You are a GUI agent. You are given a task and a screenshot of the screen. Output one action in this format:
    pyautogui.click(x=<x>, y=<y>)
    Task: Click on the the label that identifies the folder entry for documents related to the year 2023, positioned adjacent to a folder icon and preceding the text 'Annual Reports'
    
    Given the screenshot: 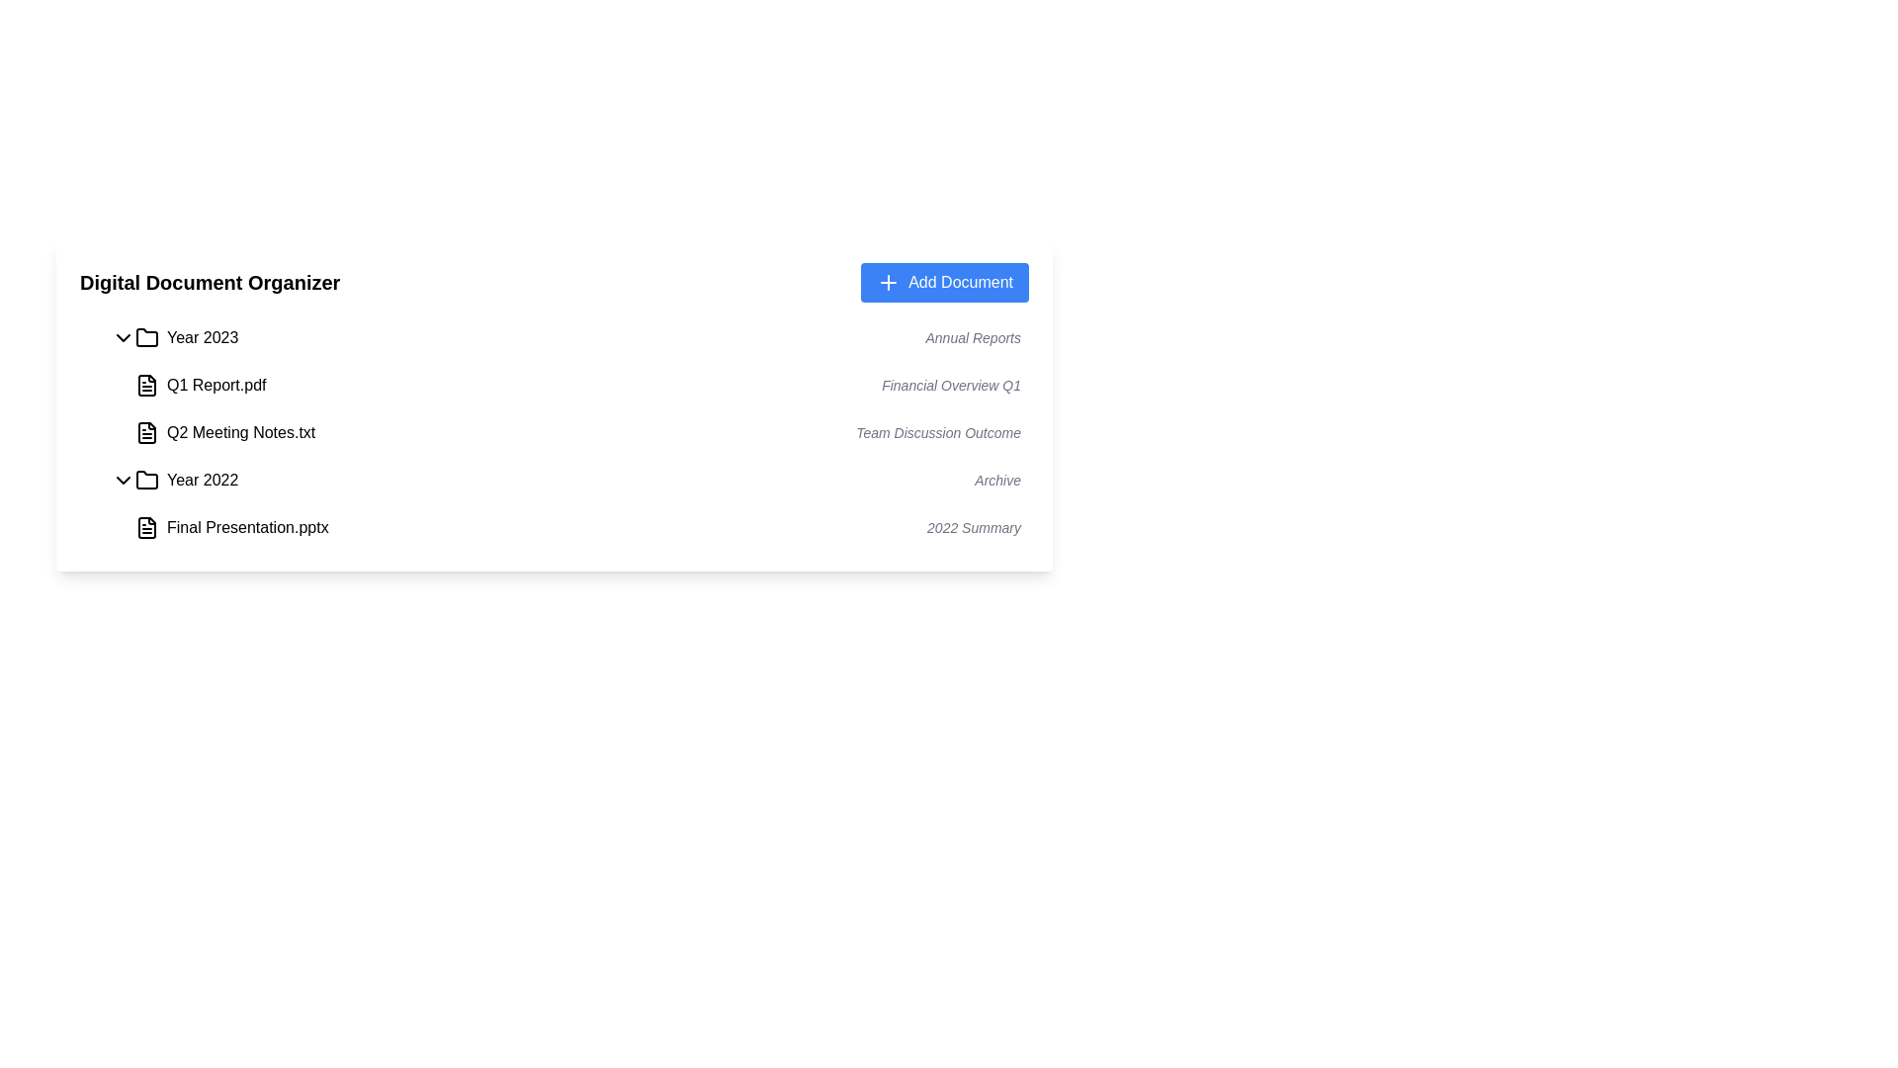 What is the action you would take?
    pyautogui.click(x=203, y=337)
    